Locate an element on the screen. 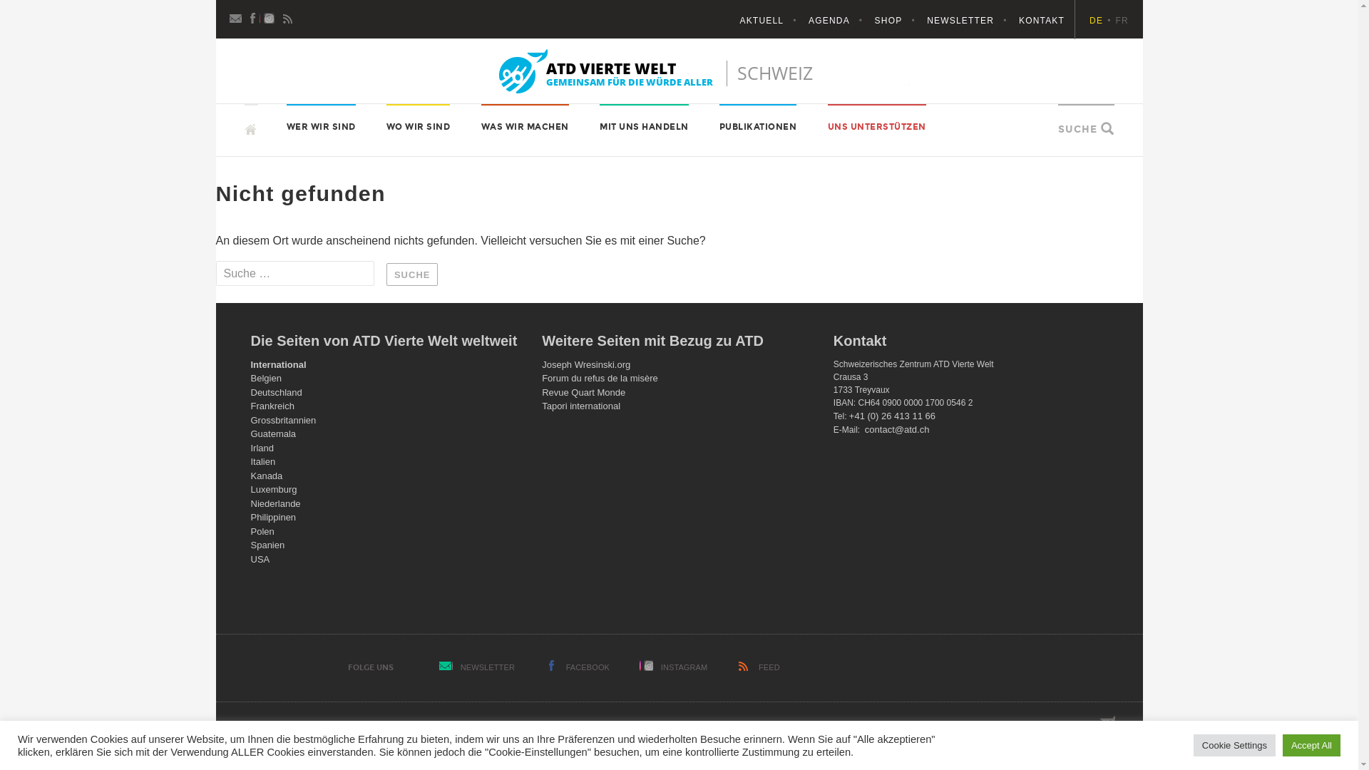  'International' is located at coordinates (278, 364).